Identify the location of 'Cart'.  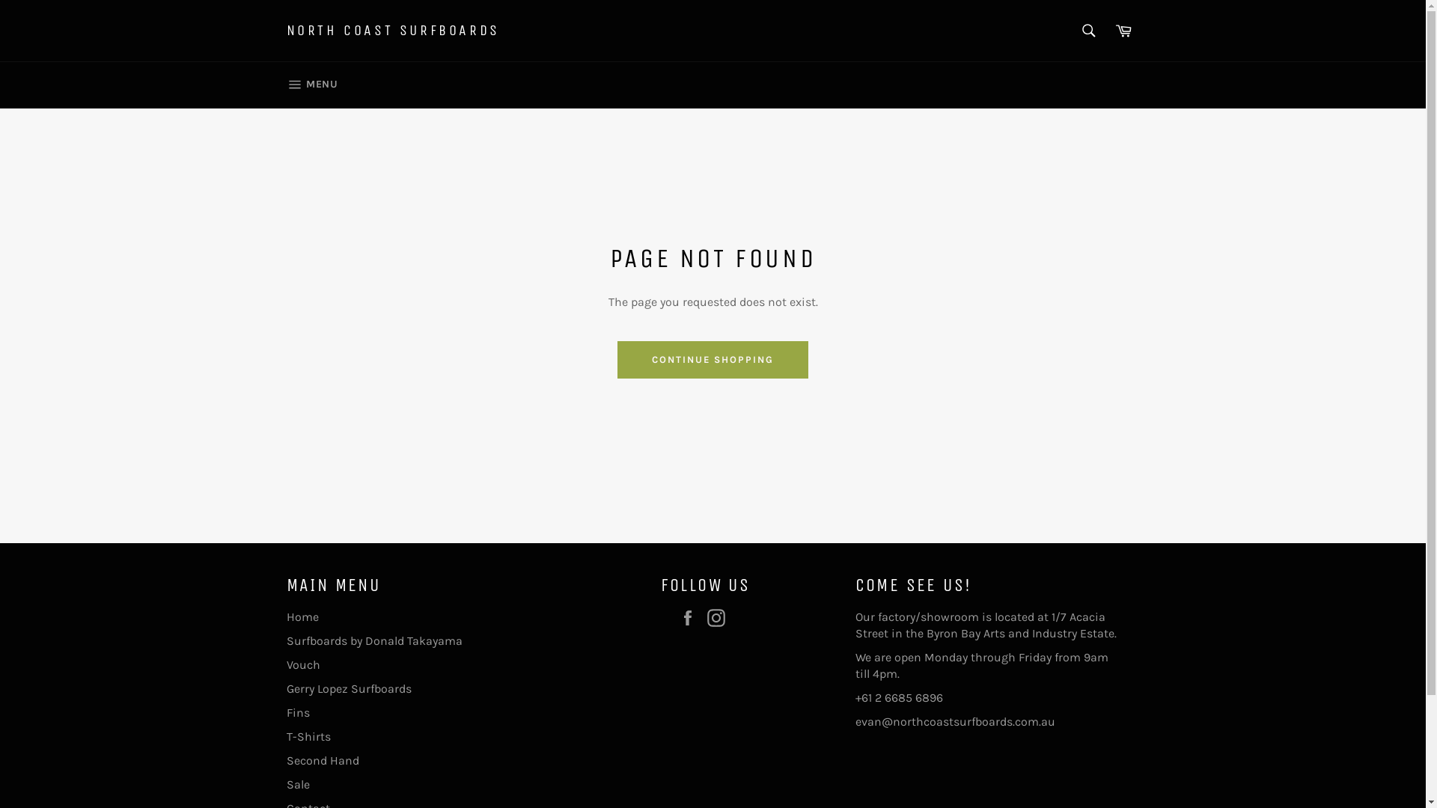
(1123, 31).